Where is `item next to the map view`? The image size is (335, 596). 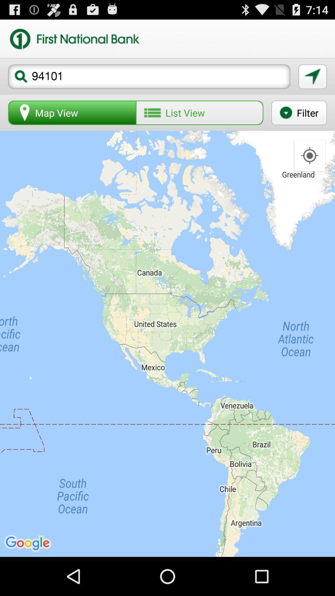
item next to the map view is located at coordinates (199, 113).